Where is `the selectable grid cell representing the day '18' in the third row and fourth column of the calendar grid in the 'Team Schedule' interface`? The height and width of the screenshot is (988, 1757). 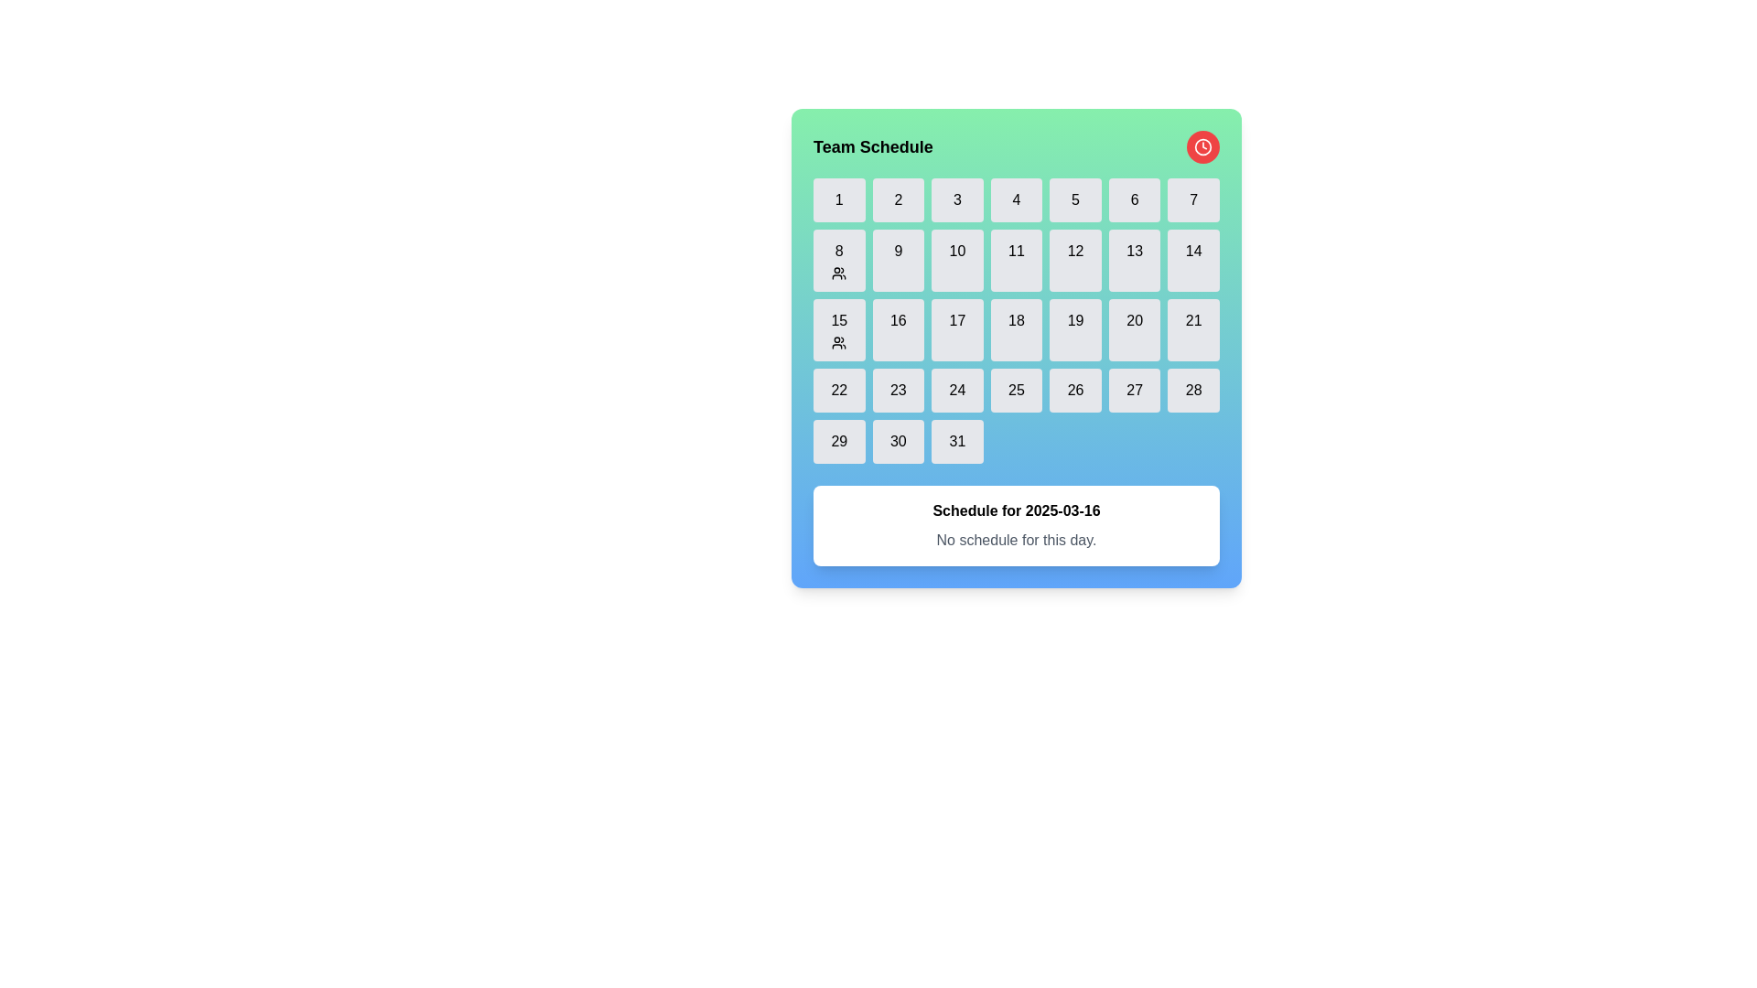
the selectable grid cell representing the day '18' in the third row and fourth column of the calendar grid in the 'Team Schedule' interface is located at coordinates (1015, 349).